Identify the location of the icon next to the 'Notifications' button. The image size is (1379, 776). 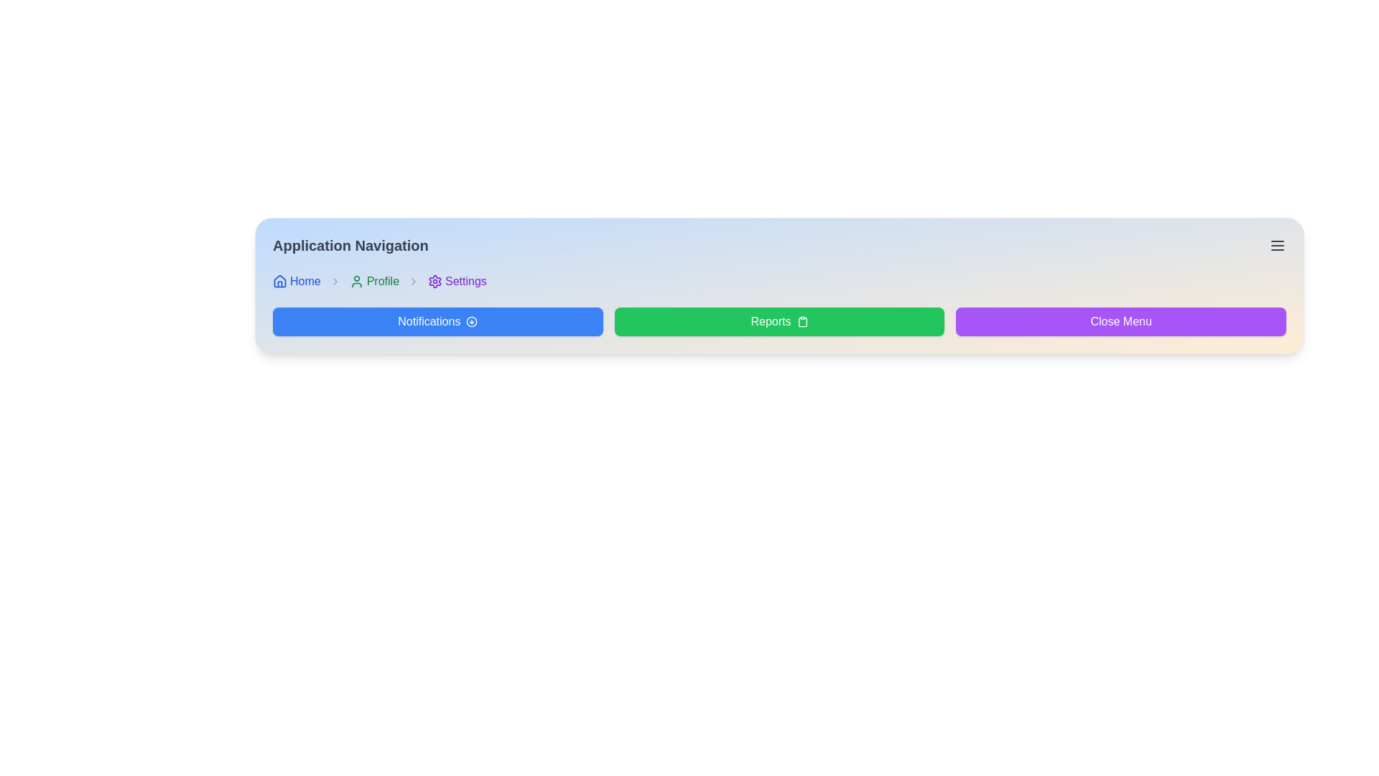
(472, 320).